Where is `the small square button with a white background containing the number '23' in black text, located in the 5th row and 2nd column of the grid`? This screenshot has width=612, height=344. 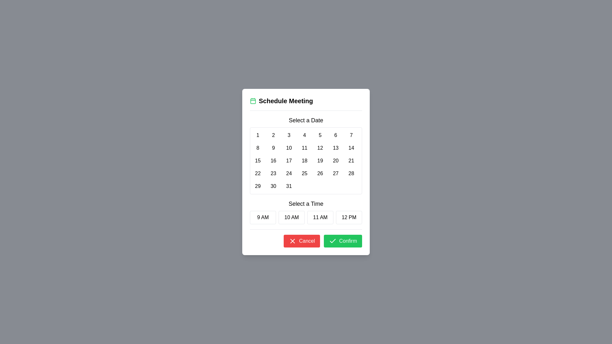 the small square button with a white background containing the number '23' in black text, located in the 5th row and 2nd column of the grid is located at coordinates (273, 173).